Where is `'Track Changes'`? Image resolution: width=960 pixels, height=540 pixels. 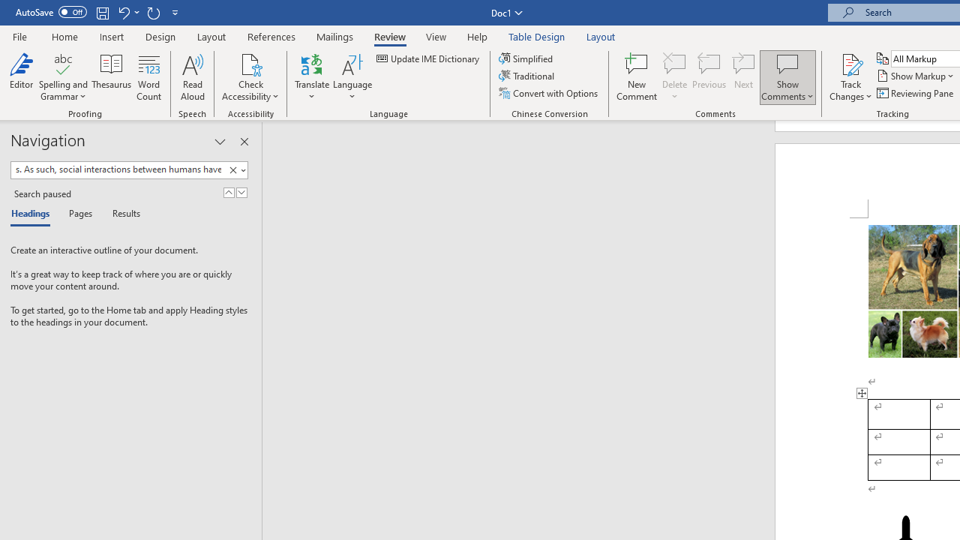 'Track Changes' is located at coordinates (850, 63).